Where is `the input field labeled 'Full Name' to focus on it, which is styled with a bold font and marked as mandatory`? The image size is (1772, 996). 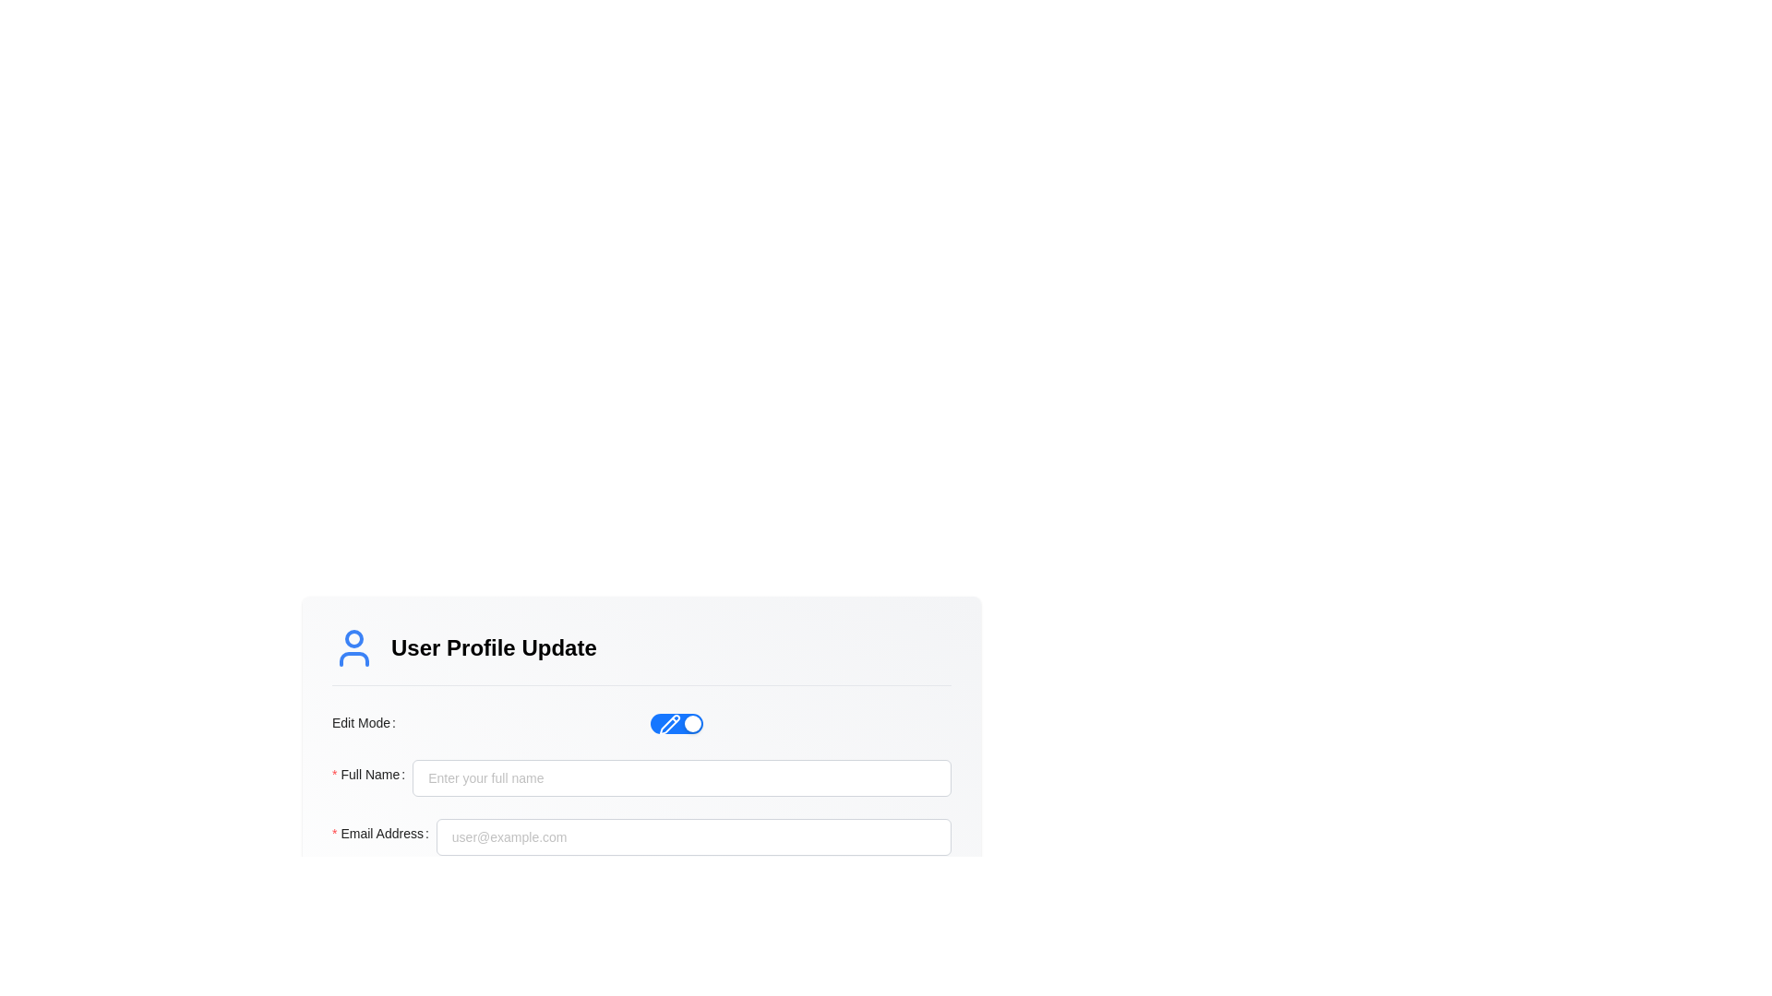 the input field labeled 'Full Name' to focus on it, which is styled with a bold font and marked as mandatory is located at coordinates (641, 778).